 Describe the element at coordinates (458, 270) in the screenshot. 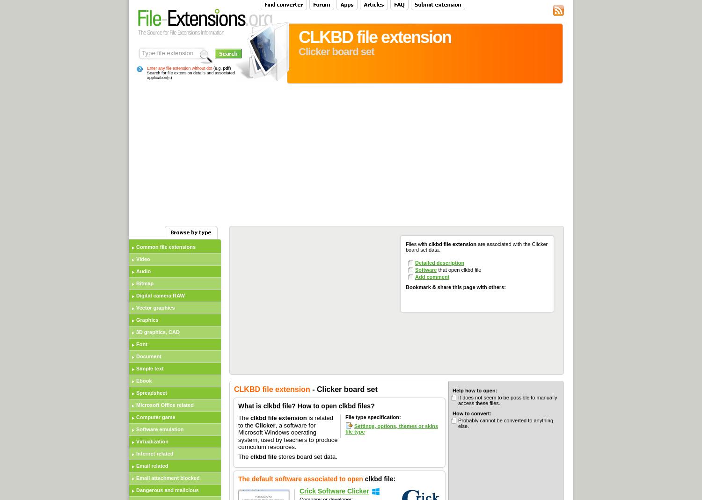

I see `'that open clkbd file'` at that location.